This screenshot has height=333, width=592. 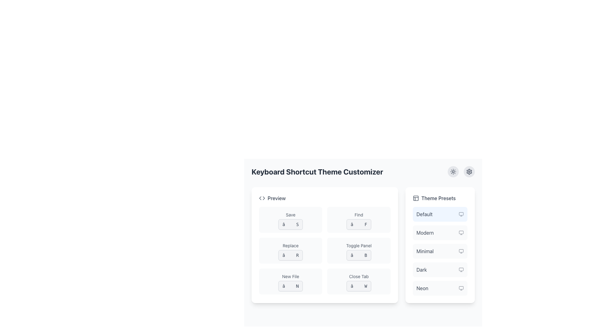 I want to click on the text label displaying 'Preview', which is styled in gray, medium weight font and aligned horizontally with other elements, located near the top left of the main white card, so click(x=276, y=198).